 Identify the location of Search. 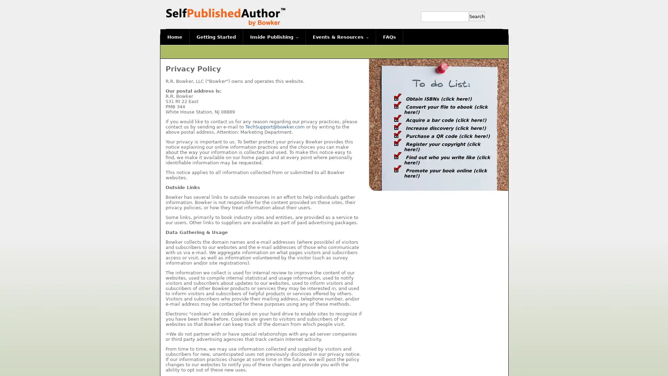
(477, 16).